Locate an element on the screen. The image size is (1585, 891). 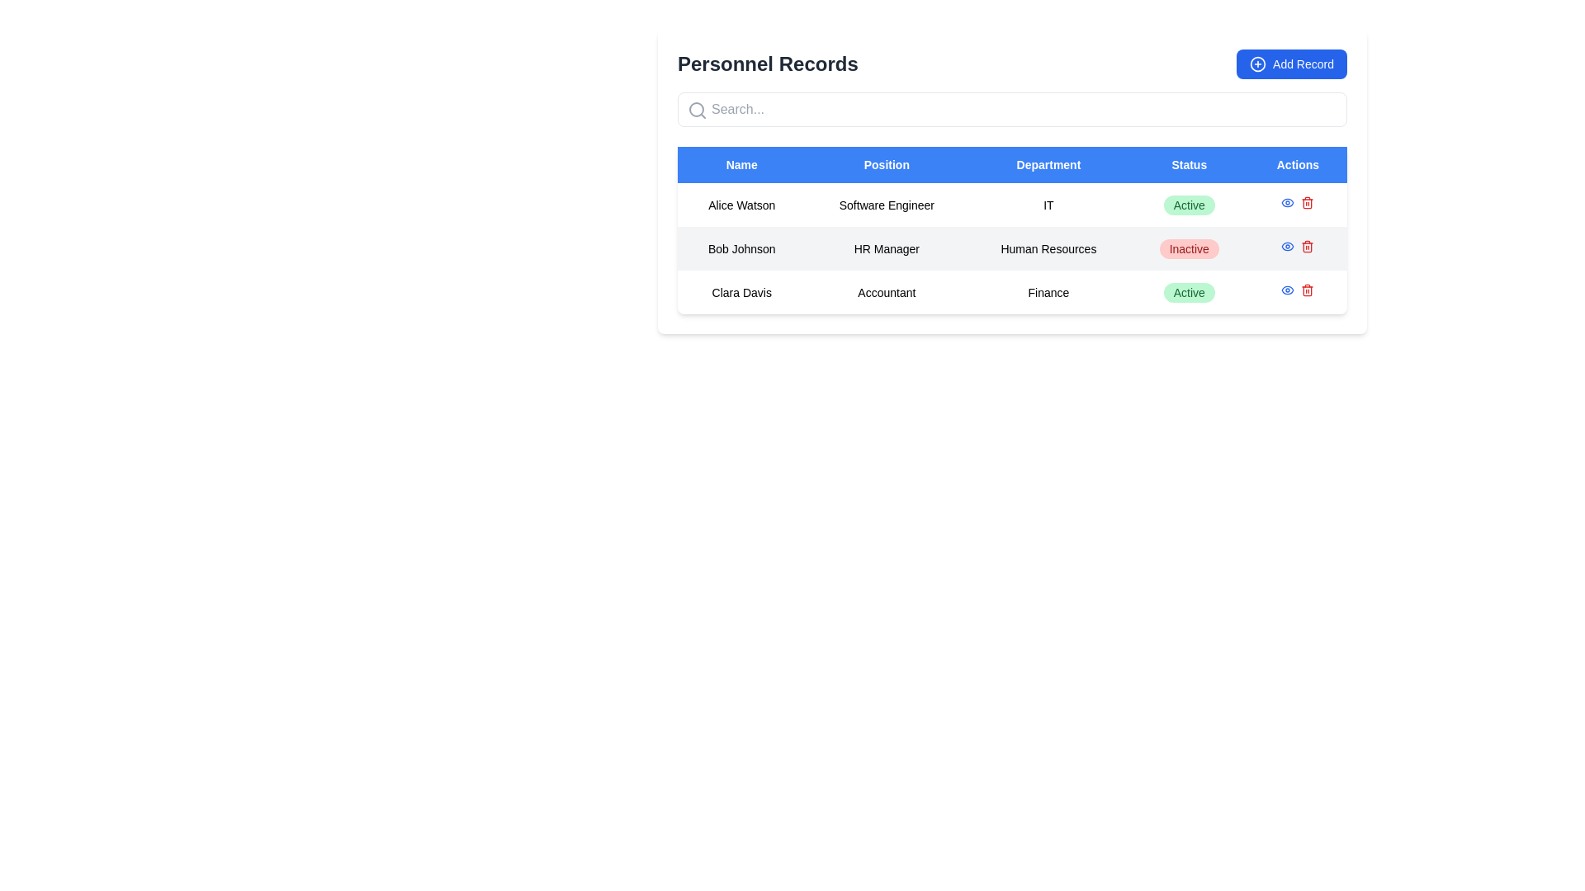
the third row of the personnel records table which displays 'Clara Davis', 'Accountant', 'Finance', 'Active' is located at coordinates (1011, 291).